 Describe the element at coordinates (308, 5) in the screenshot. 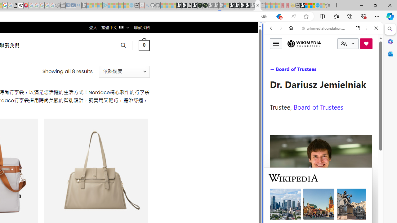

I see `'World - MSN'` at that location.